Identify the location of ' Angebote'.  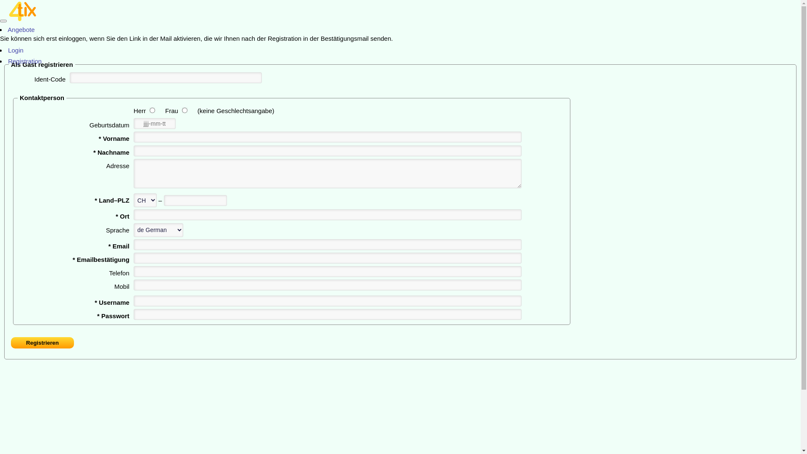
(20, 29).